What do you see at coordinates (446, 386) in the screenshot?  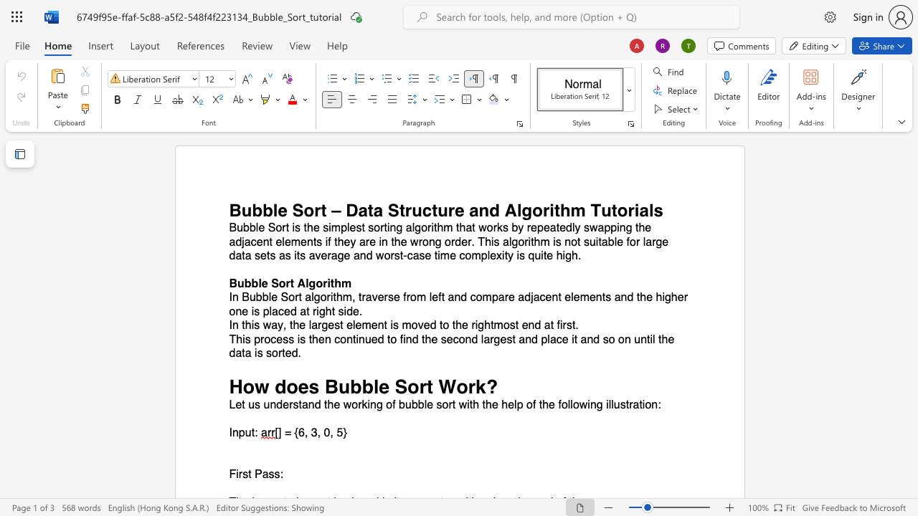 I see `the 1th character "W" in the text` at bounding box center [446, 386].